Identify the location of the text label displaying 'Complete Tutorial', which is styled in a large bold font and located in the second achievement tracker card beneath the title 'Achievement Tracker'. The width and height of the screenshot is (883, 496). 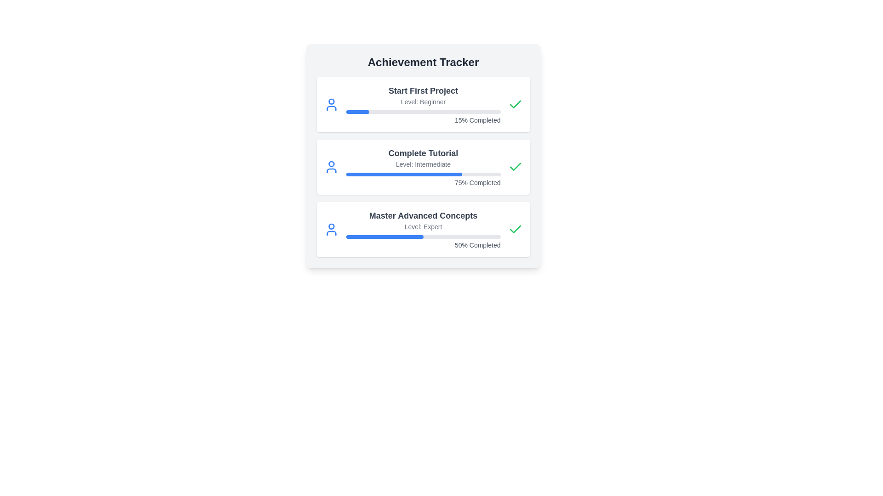
(423, 153).